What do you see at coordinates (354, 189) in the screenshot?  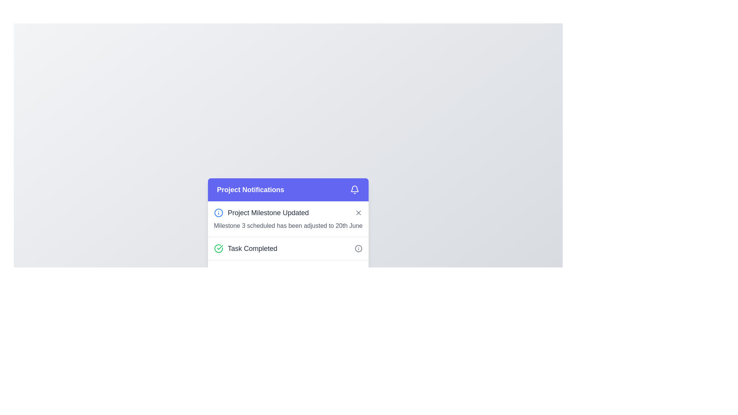 I see `the notification bell icon located at the top right corner of the notification panel` at bounding box center [354, 189].